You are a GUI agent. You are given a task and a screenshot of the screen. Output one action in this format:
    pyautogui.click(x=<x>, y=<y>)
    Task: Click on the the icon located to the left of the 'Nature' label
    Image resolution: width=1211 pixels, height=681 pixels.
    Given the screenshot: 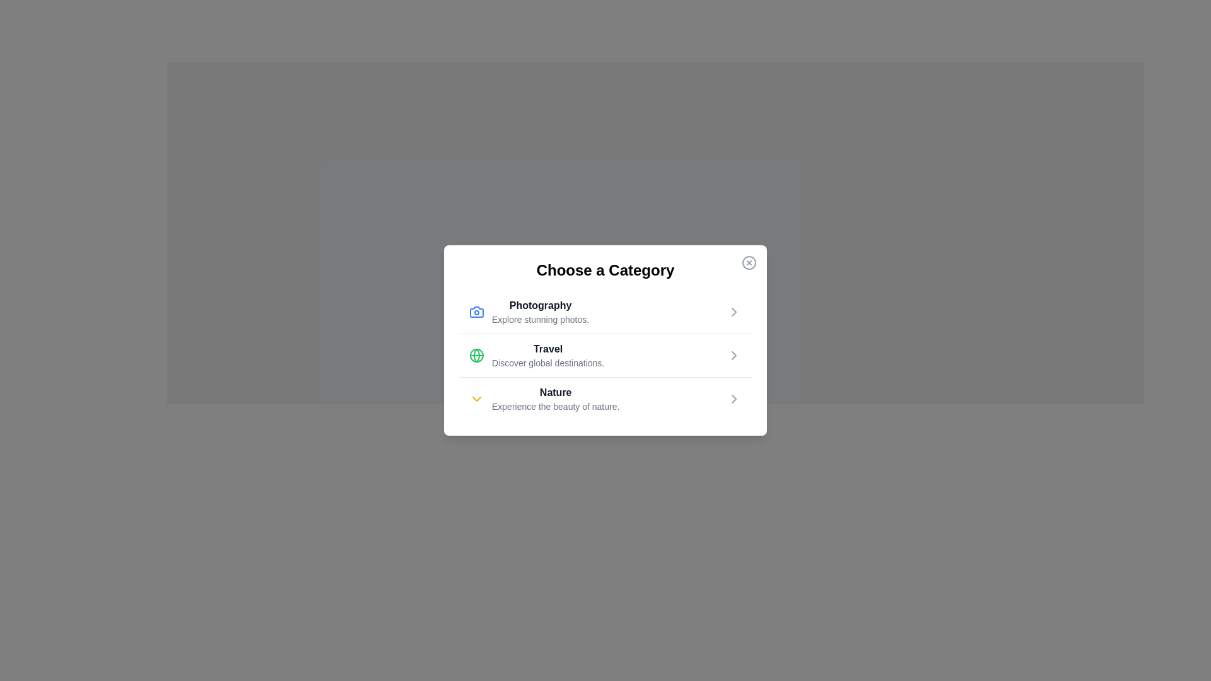 What is the action you would take?
    pyautogui.click(x=476, y=399)
    